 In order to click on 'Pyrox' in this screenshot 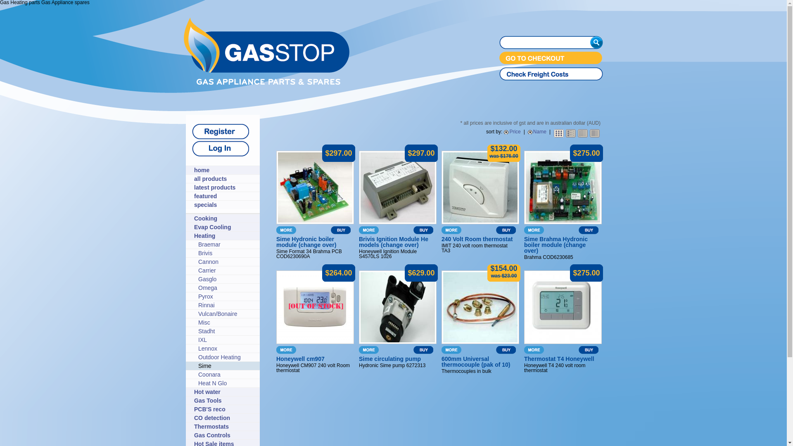, I will do `click(227, 296)`.